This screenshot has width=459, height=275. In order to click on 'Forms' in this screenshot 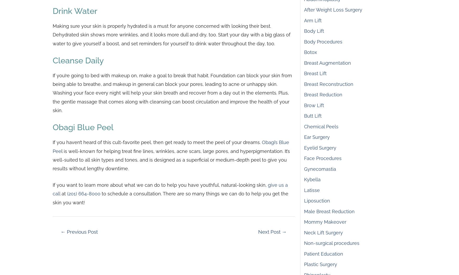, I will do `click(142, 186)`.